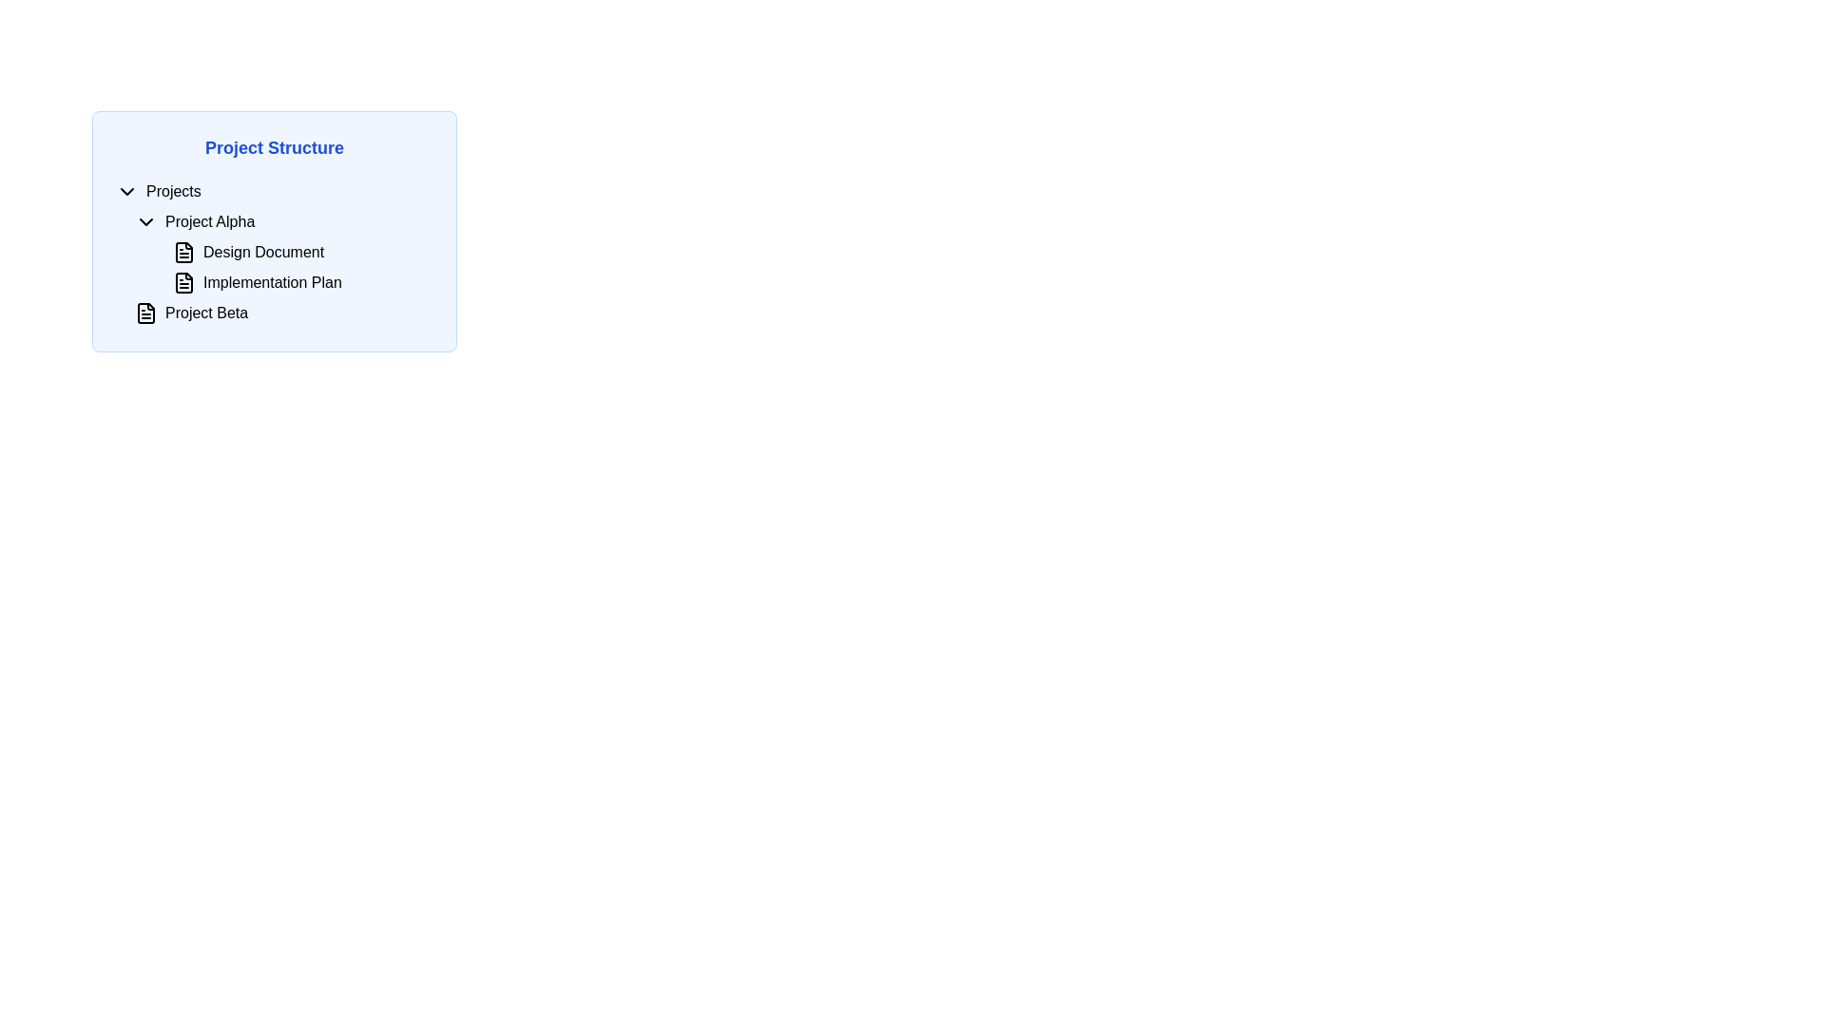 The height and width of the screenshot is (1026, 1825). Describe the element at coordinates (144, 313) in the screenshot. I see `the SVG Icon representing the 'Project Beta' document, which is located to the left of the 'Project Beta' text label in the 'Projects' section of the 'Project Structure' panel` at that location.